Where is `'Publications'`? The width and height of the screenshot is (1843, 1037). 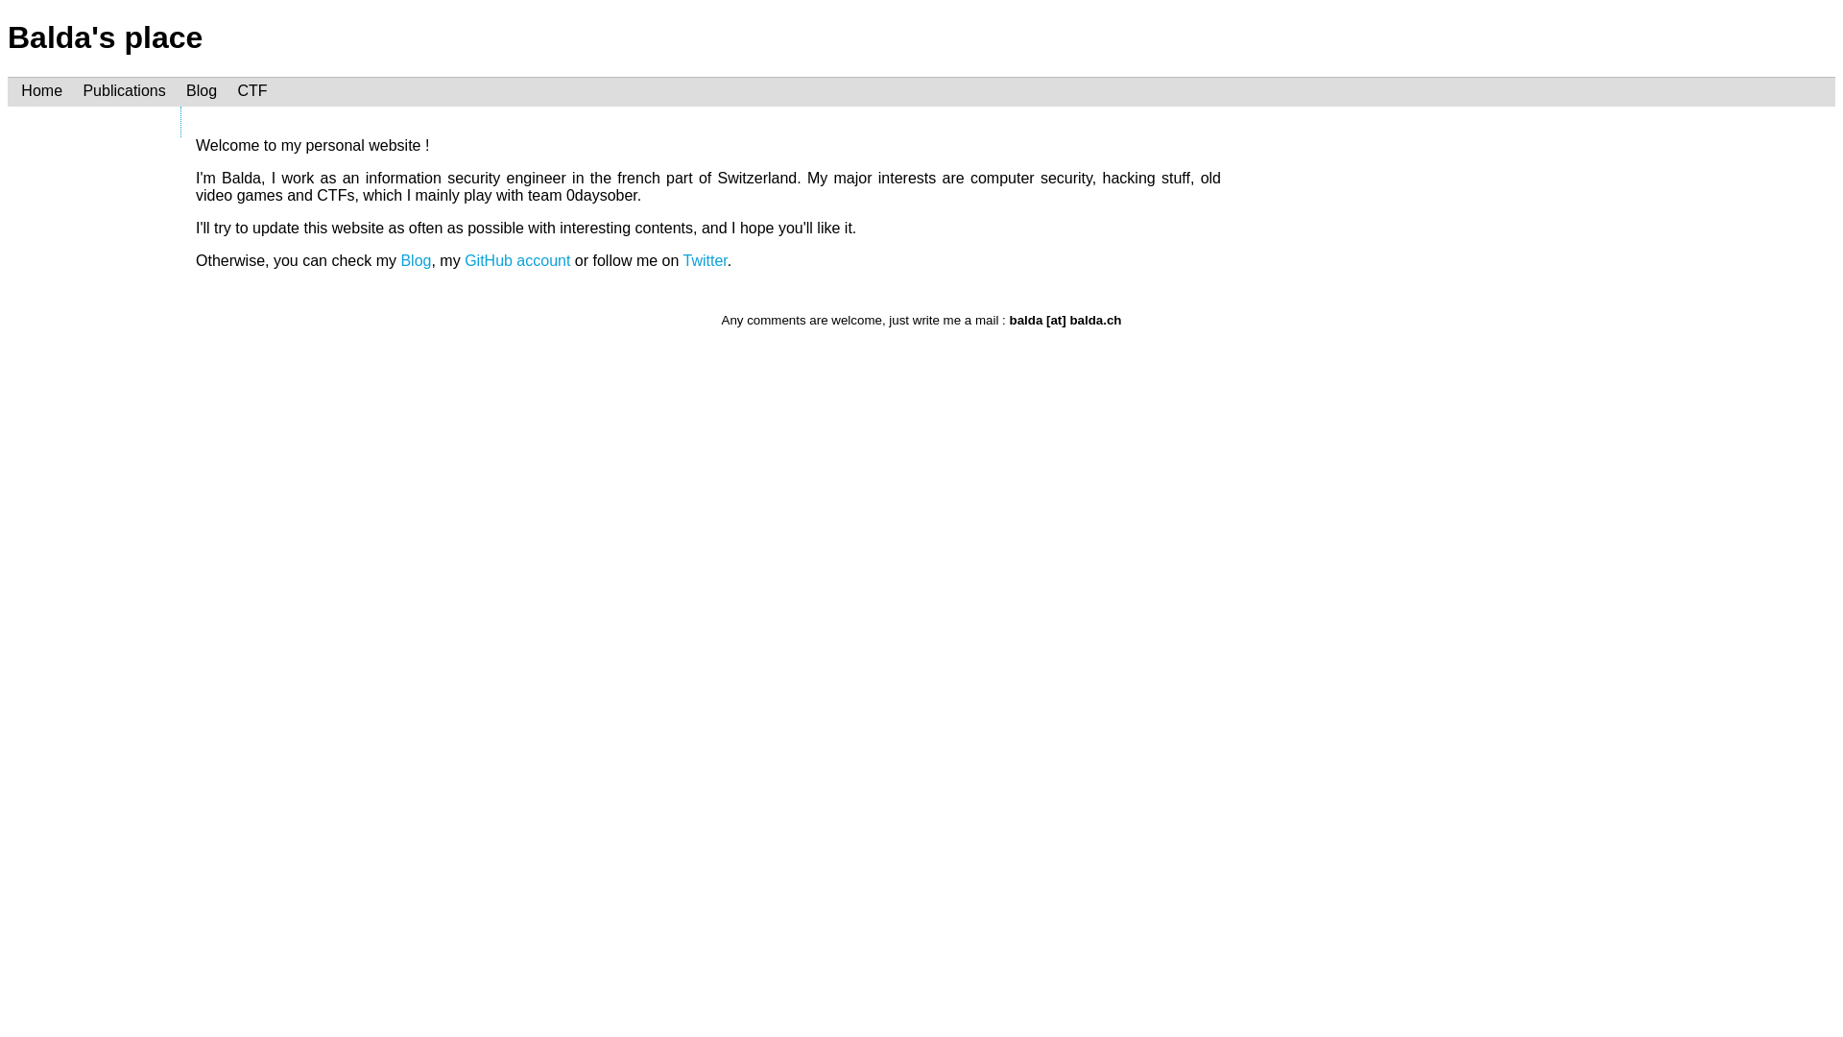 'Publications' is located at coordinates (123, 91).